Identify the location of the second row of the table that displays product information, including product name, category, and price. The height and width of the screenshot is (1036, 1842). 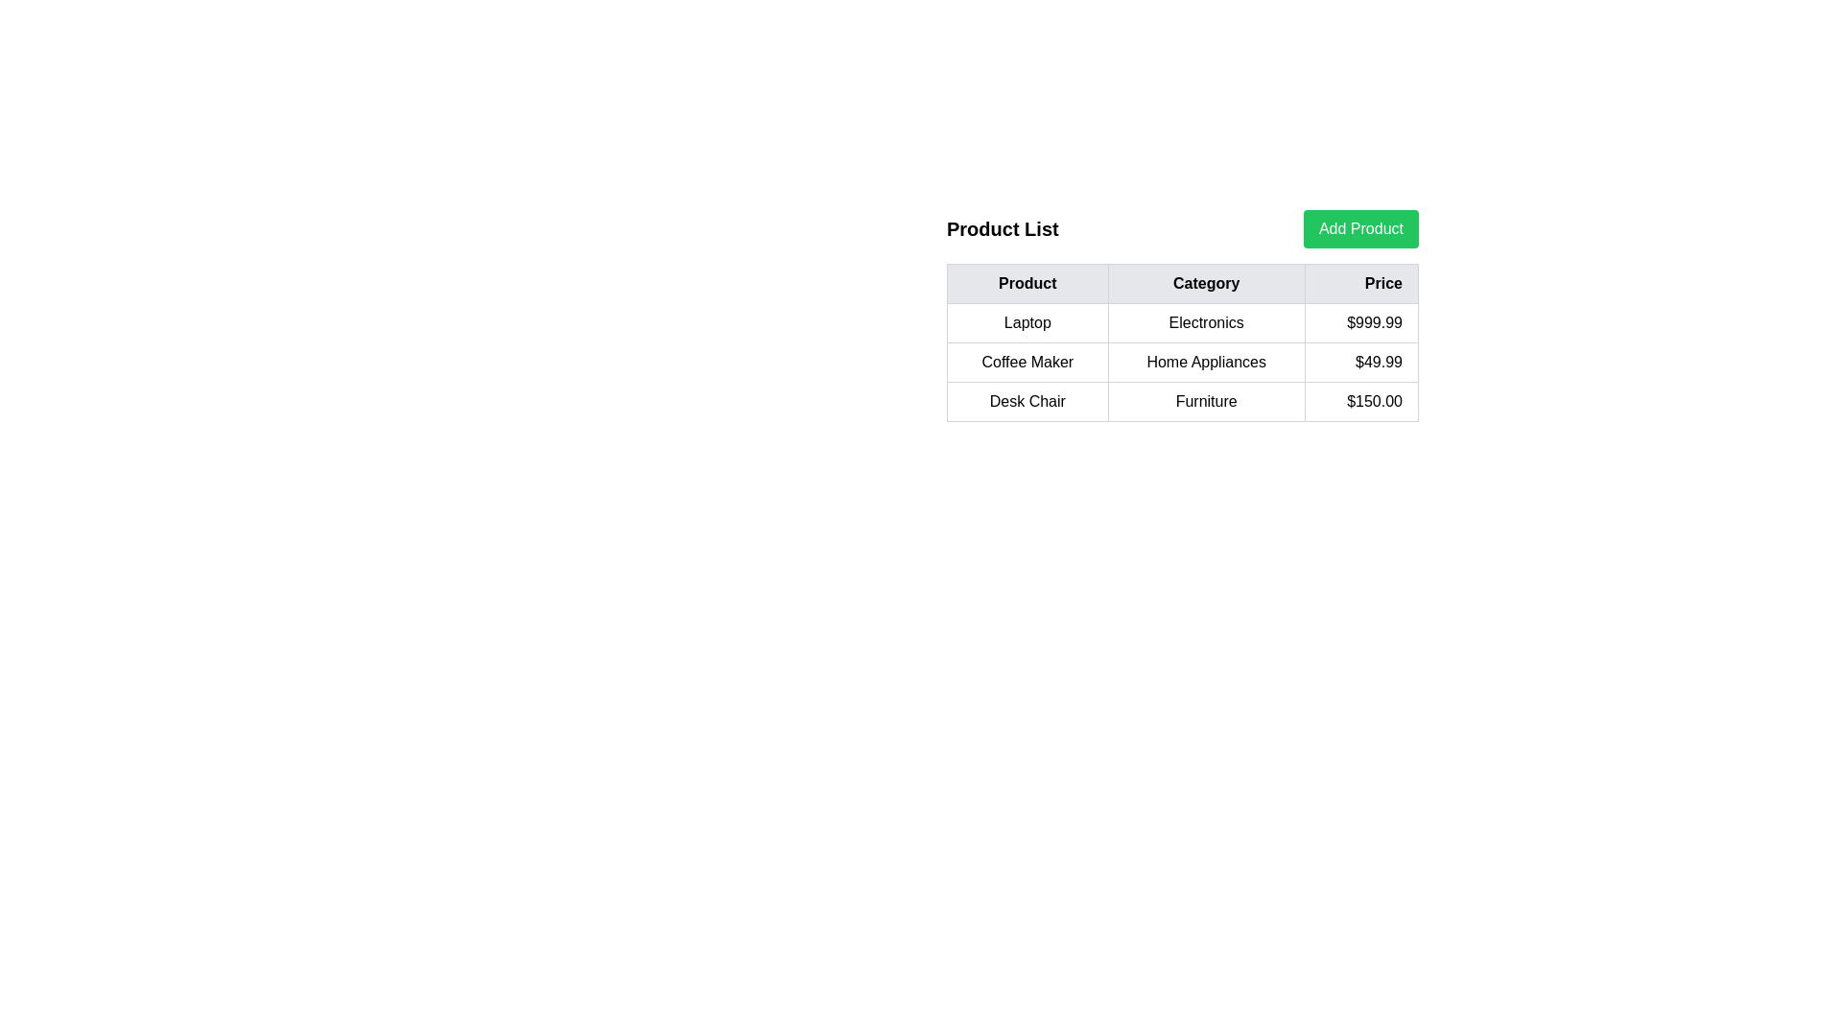
(1182, 363).